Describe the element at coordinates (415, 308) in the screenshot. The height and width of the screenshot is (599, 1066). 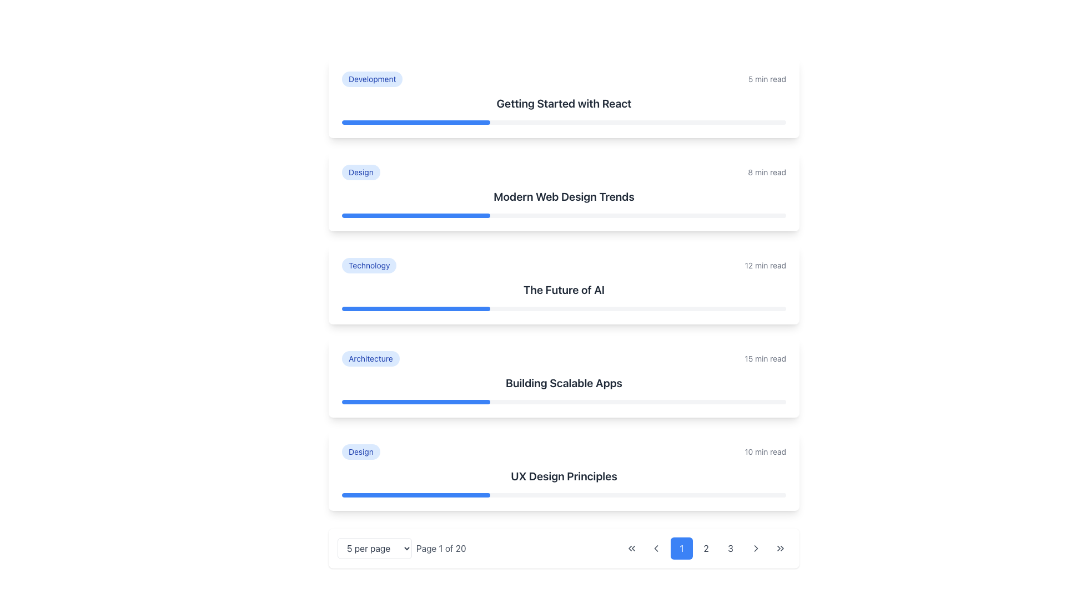
I see `the progress visually by interacting with the blue-colored progress bar segment located at the beginning of the progress bar in the 'The Future of AI' section` at that location.